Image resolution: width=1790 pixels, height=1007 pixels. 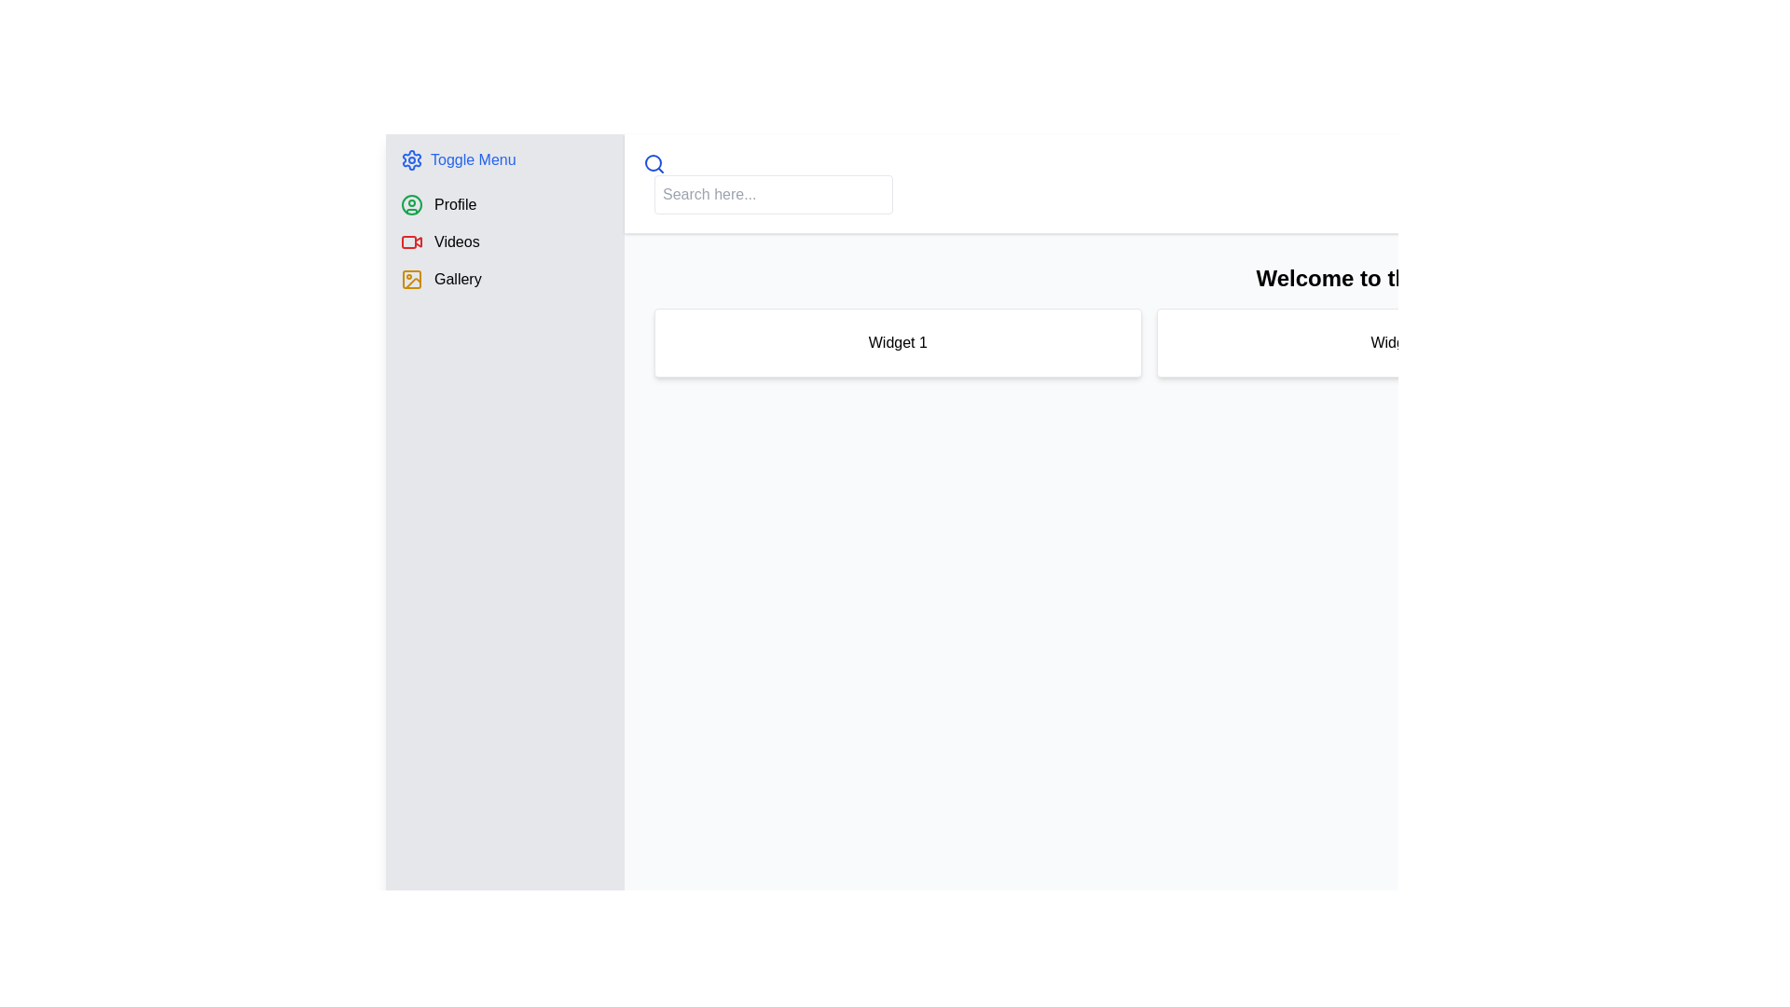 I want to click on the image gallery icon located in the sidebar menu, which is positioned next to the 'Gallery' label as part of the third item in a vertical list, so click(x=410, y=280).